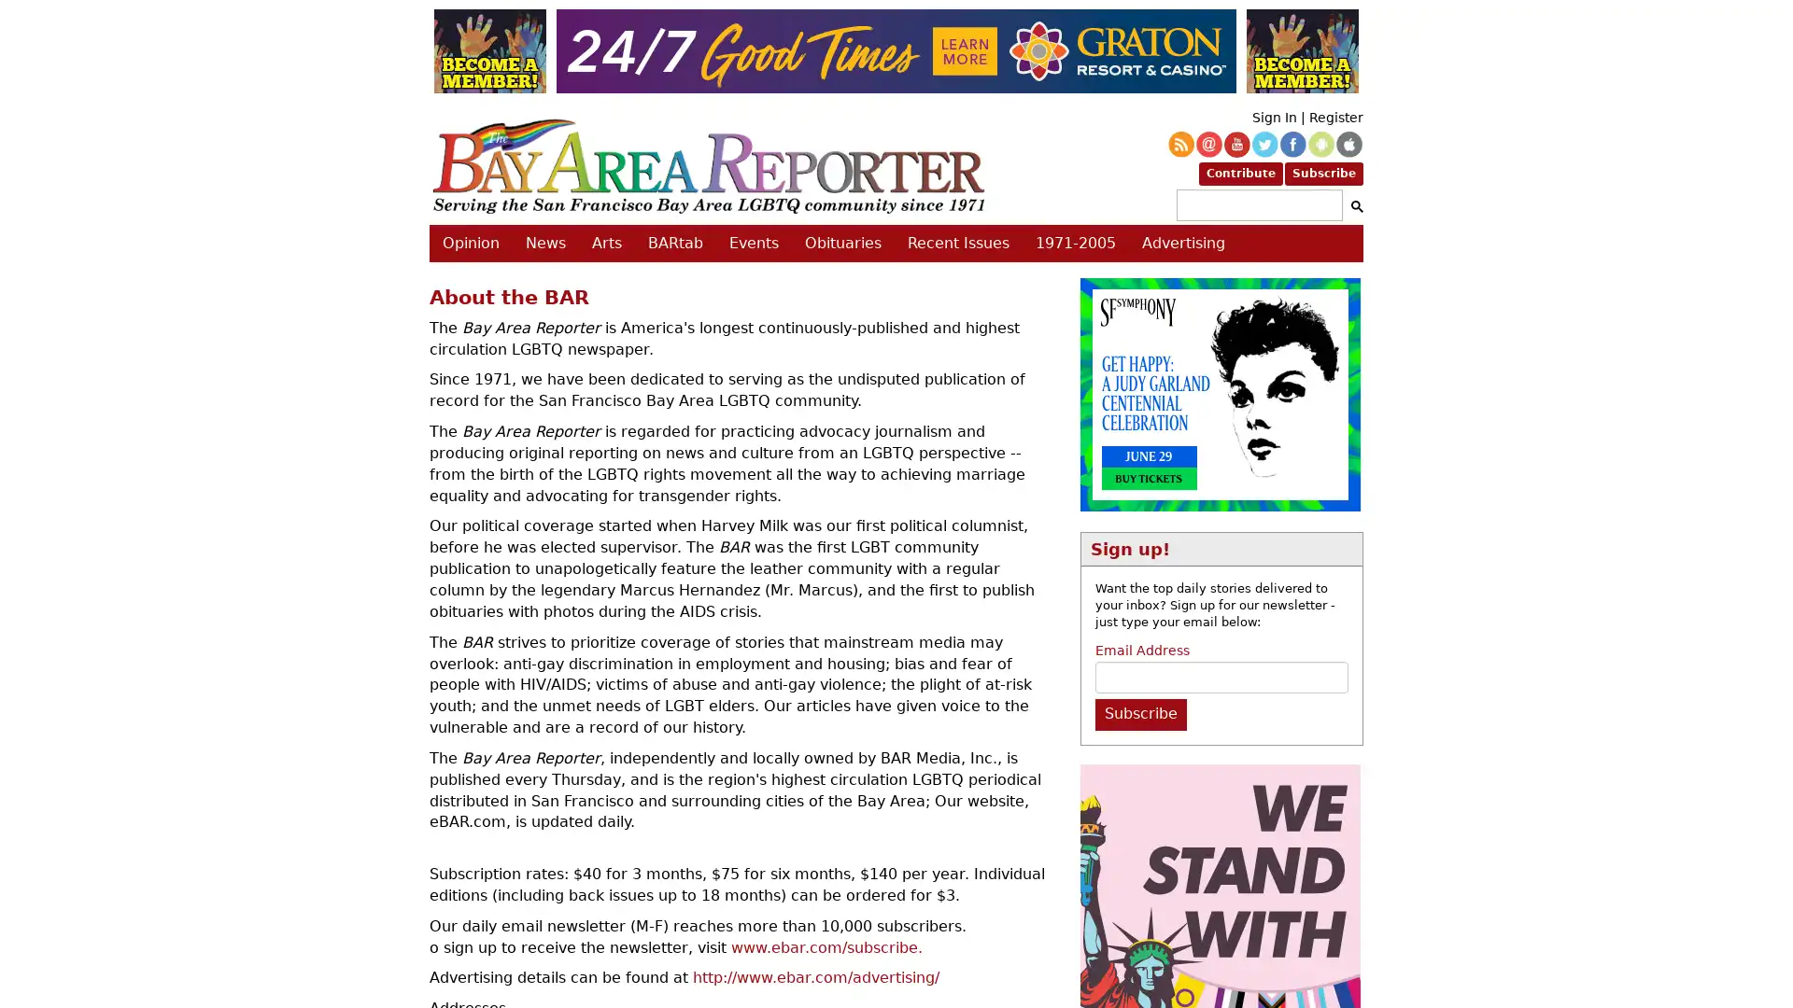 The image size is (1793, 1008). I want to click on search, so click(1353, 205).